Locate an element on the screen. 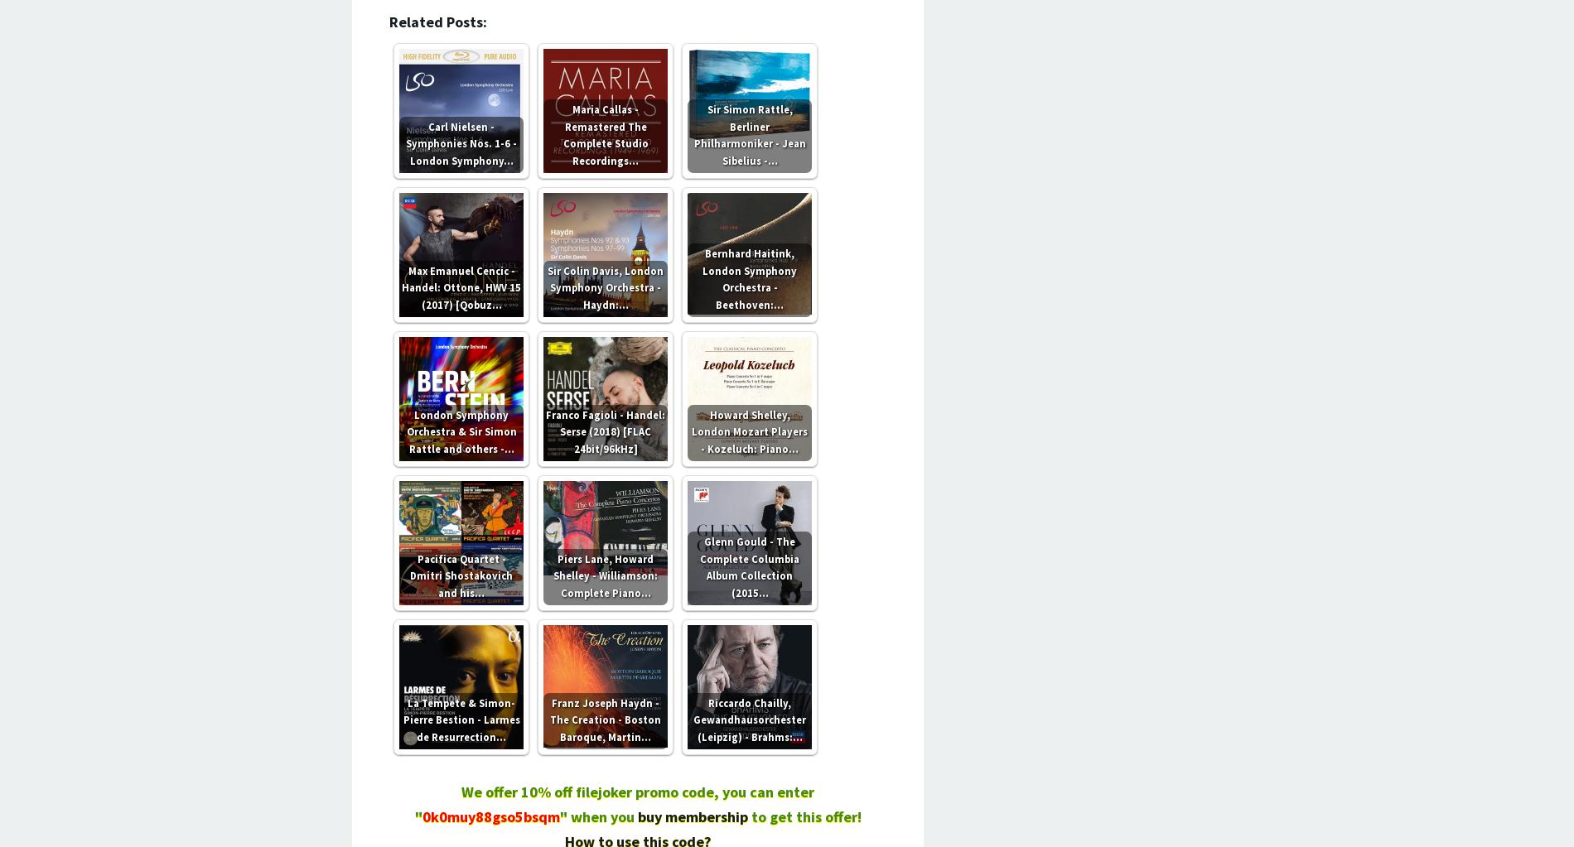 The image size is (1574, 847). 'We offer 10% off filejoker promo code, you can enter "' is located at coordinates (613, 803).